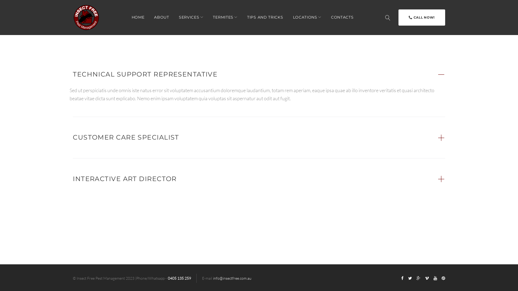  Describe the element at coordinates (441, 278) in the screenshot. I see `'Pinterest'` at that location.